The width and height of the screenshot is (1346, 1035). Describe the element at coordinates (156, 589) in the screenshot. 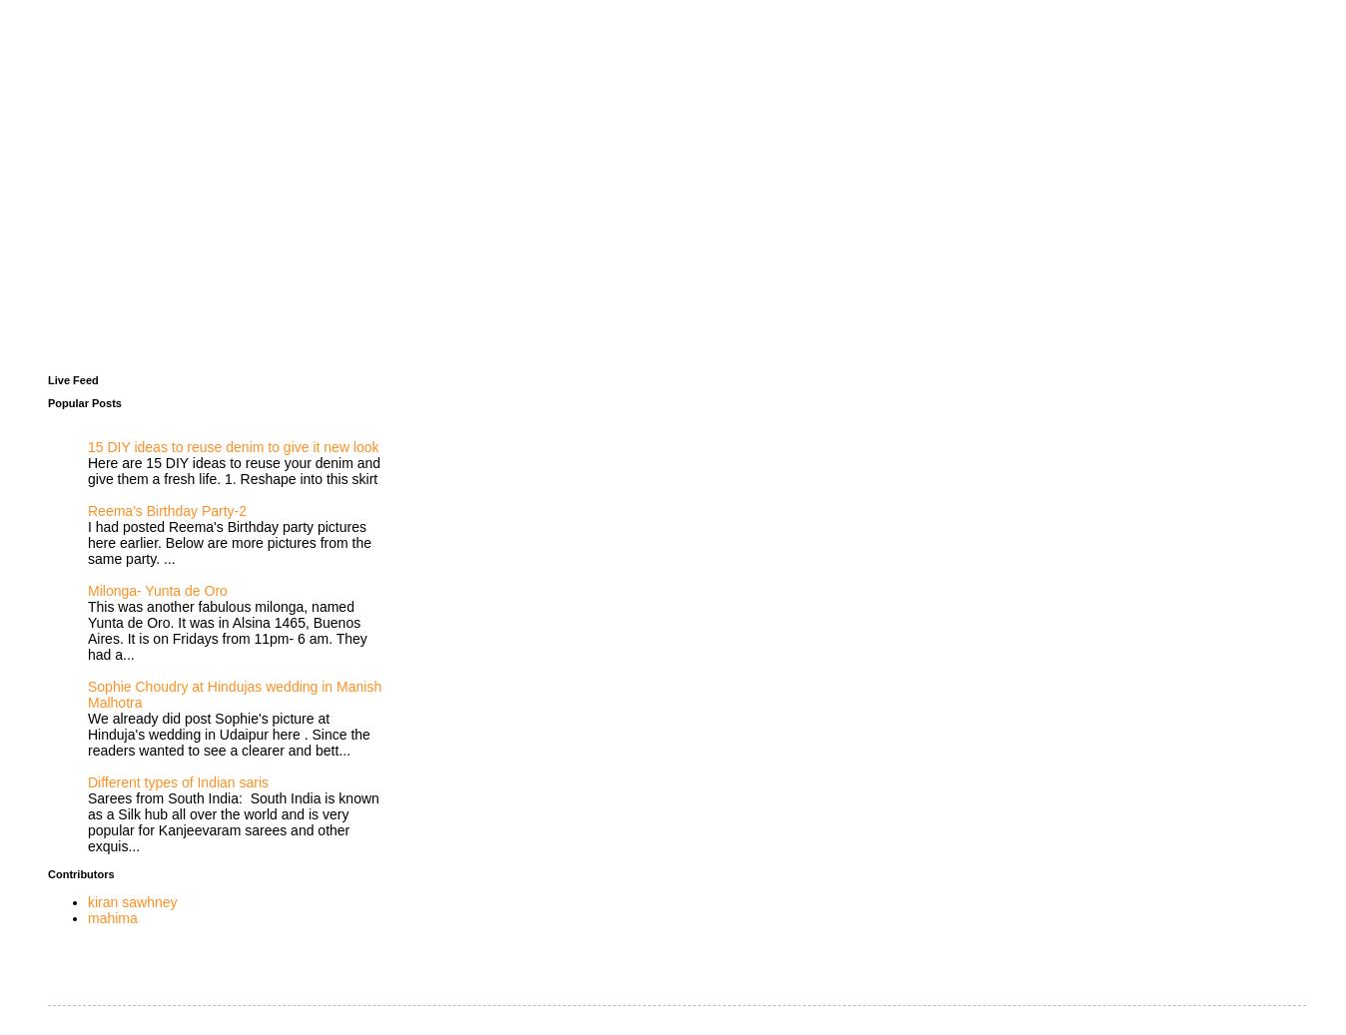

I see `'Milonga- Yunta de Oro'` at that location.